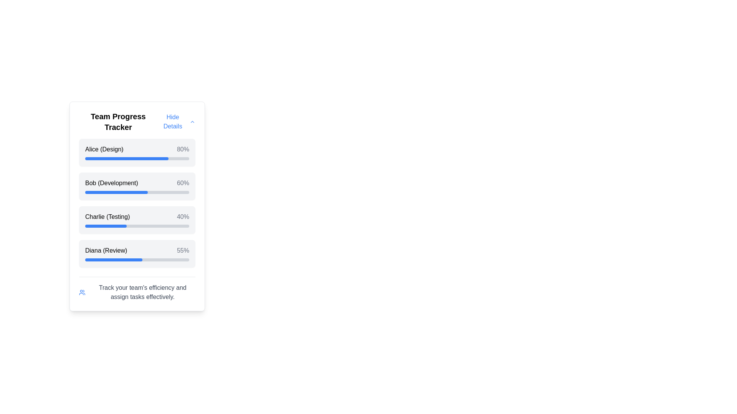 This screenshot has width=737, height=414. I want to click on the text label displaying 'Charlie (Testing)' in the Team Progress Tracker, which is left-aligned in the third row and followed by a percentage value '40%', so click(107, 217).